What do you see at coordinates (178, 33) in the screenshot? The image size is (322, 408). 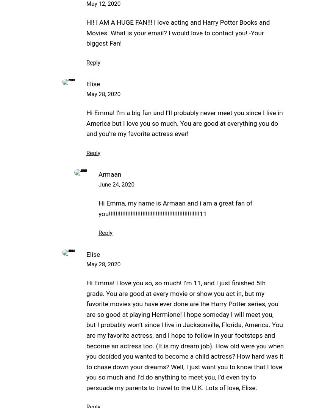 I see `'Hi! I AM A HUGE FAN!!! I love acting and Harry Potter Books and Movies. What is your email? I would love to contact you! -Your biggest Fan!'` at bounding box center [178, 33].